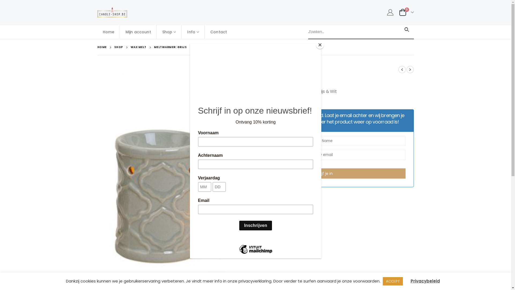 Image resolution: width=515 pixels, height=290 pixels. Describe the element at coordinates (102, 47) in the screenshot. I see `'HOME'` at that location.